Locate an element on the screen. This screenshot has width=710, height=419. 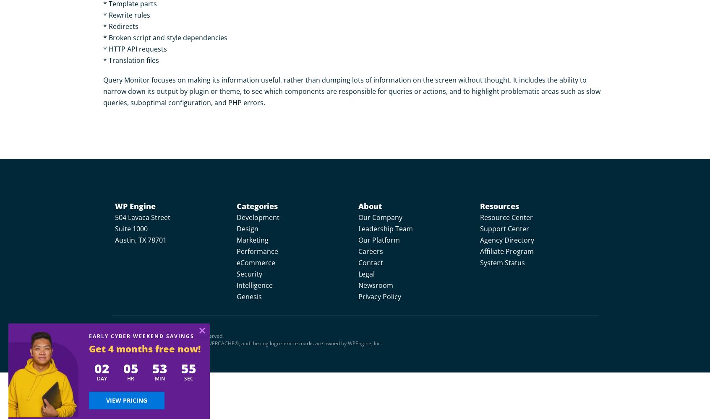
'Agency Directory' is located at coordinates (507, 240).